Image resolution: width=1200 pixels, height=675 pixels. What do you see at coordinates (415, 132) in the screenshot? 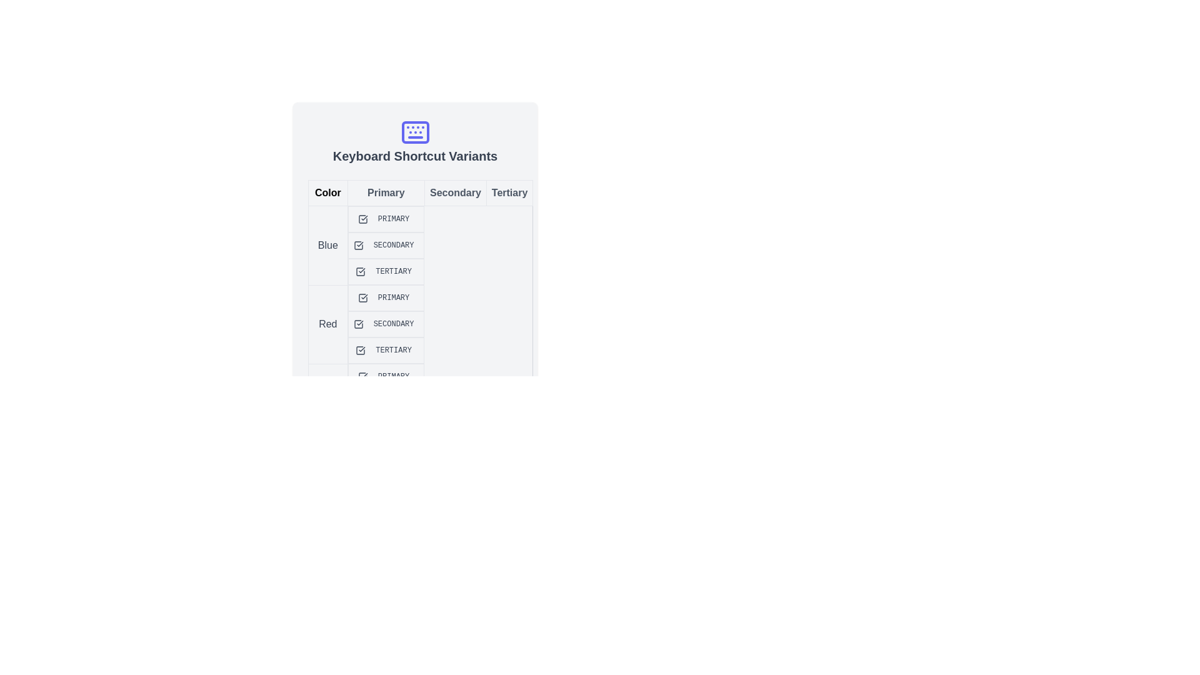
I see `the graphical icon component that visually depicts a keyboard, located at the center of the keyboard-like icon above the heading 'Keyboard Shortcut Variants'` at bounding box center [415, 132].